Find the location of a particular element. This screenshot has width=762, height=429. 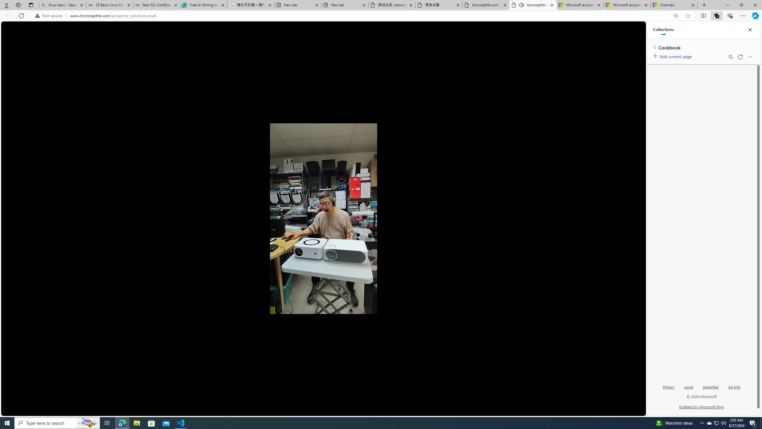

'Add current page' is located at coordinates (673, 55).